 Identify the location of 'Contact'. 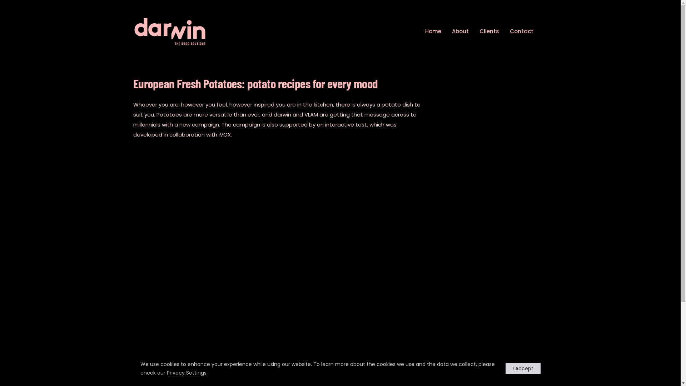
(506, 31).